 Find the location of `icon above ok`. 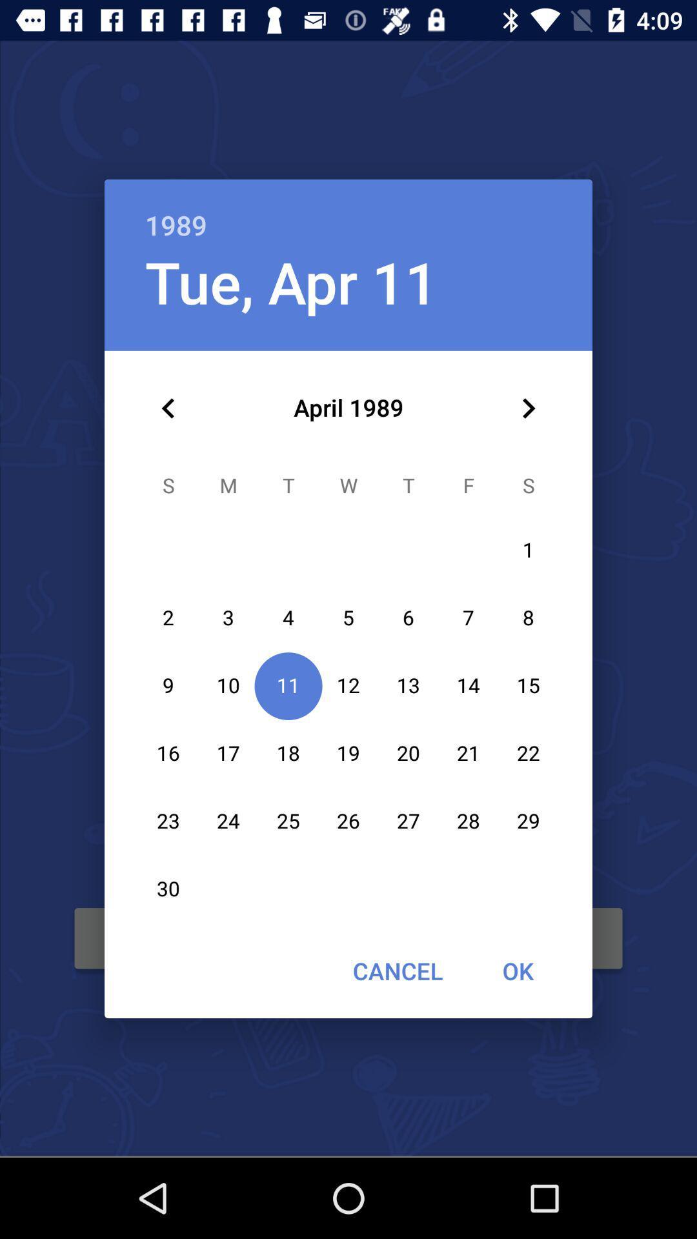

icon above ok is located at coordinates (528, 408).